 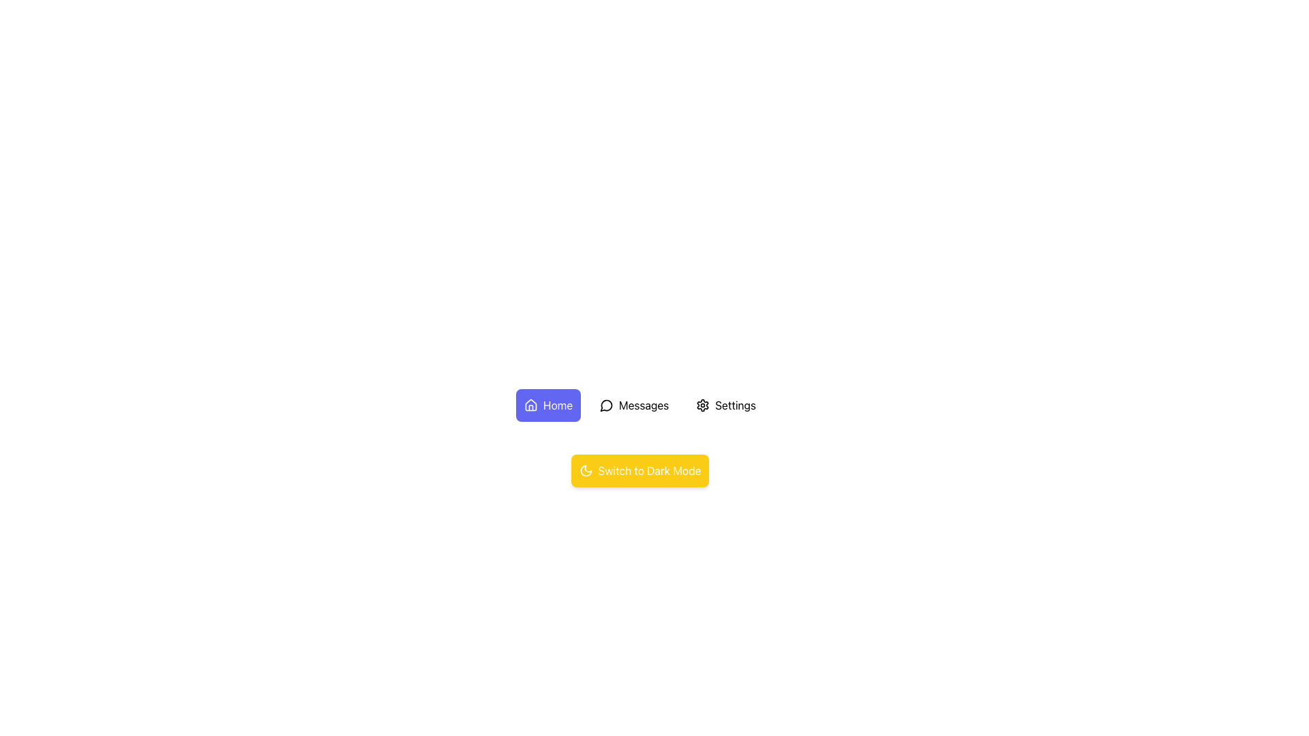 I want to click on the button positioned below the navigation options, so click(x=640, y=470).